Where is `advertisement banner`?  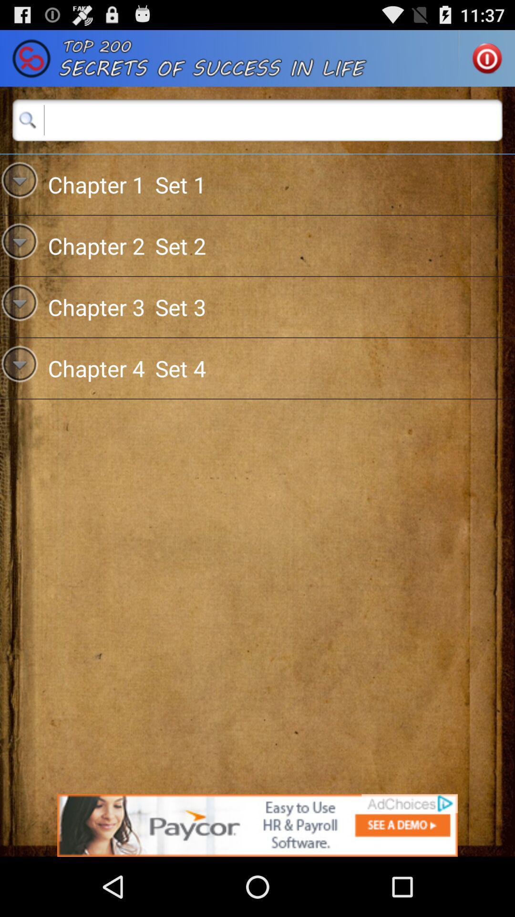
advertisement banner is located at coordinates (257, 825).